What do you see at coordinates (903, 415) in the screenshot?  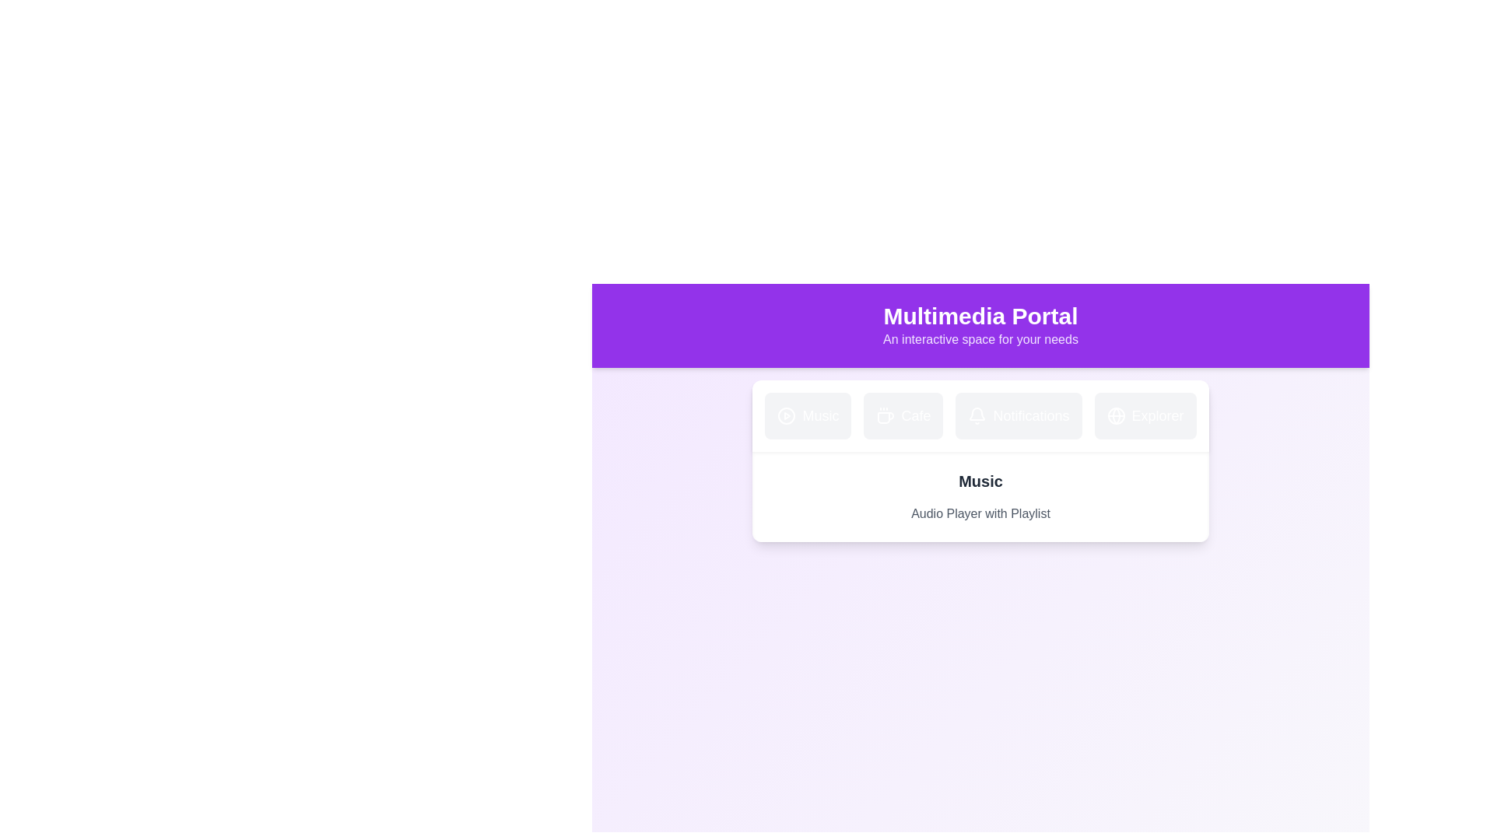 I see `the 'Cafe' tab in the menu` at bounding box center [903, 415].